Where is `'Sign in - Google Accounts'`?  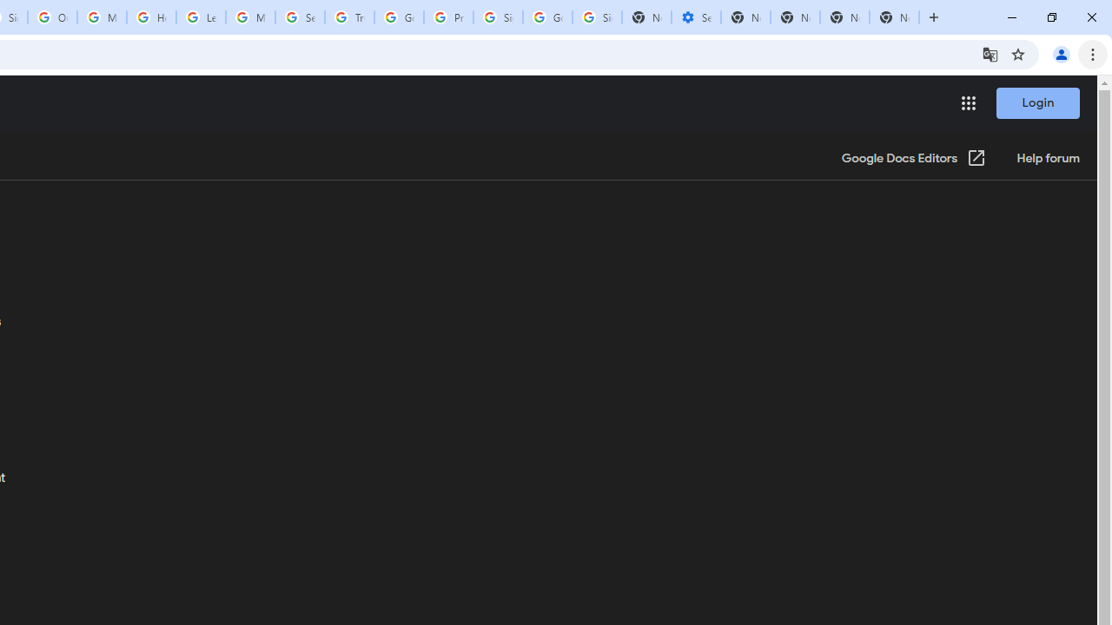
'Sign in - Google Accounts' is located at coordinates (497, 17).